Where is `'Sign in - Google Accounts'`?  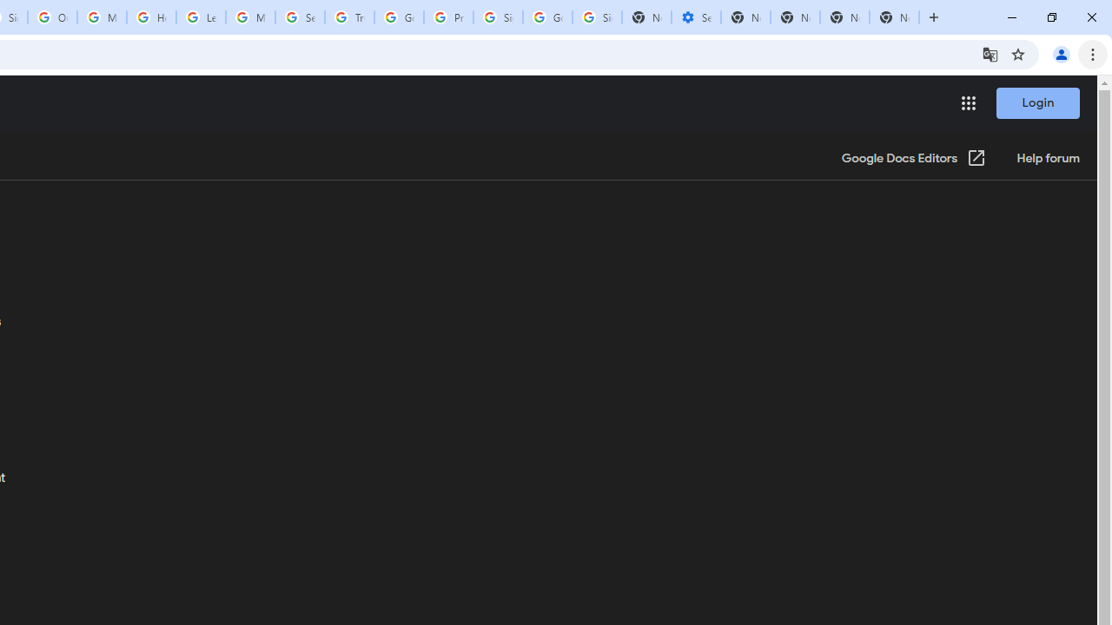
'Sign in - Google Accounts' is located at coordinates (497, 17).